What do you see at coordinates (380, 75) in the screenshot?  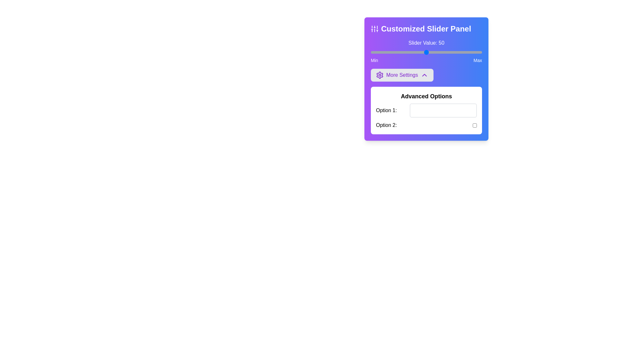 I see `the purple gear icon representing settings, located to the left of the 'More Settings' button in the control panel` at bounding box center [380, 75].